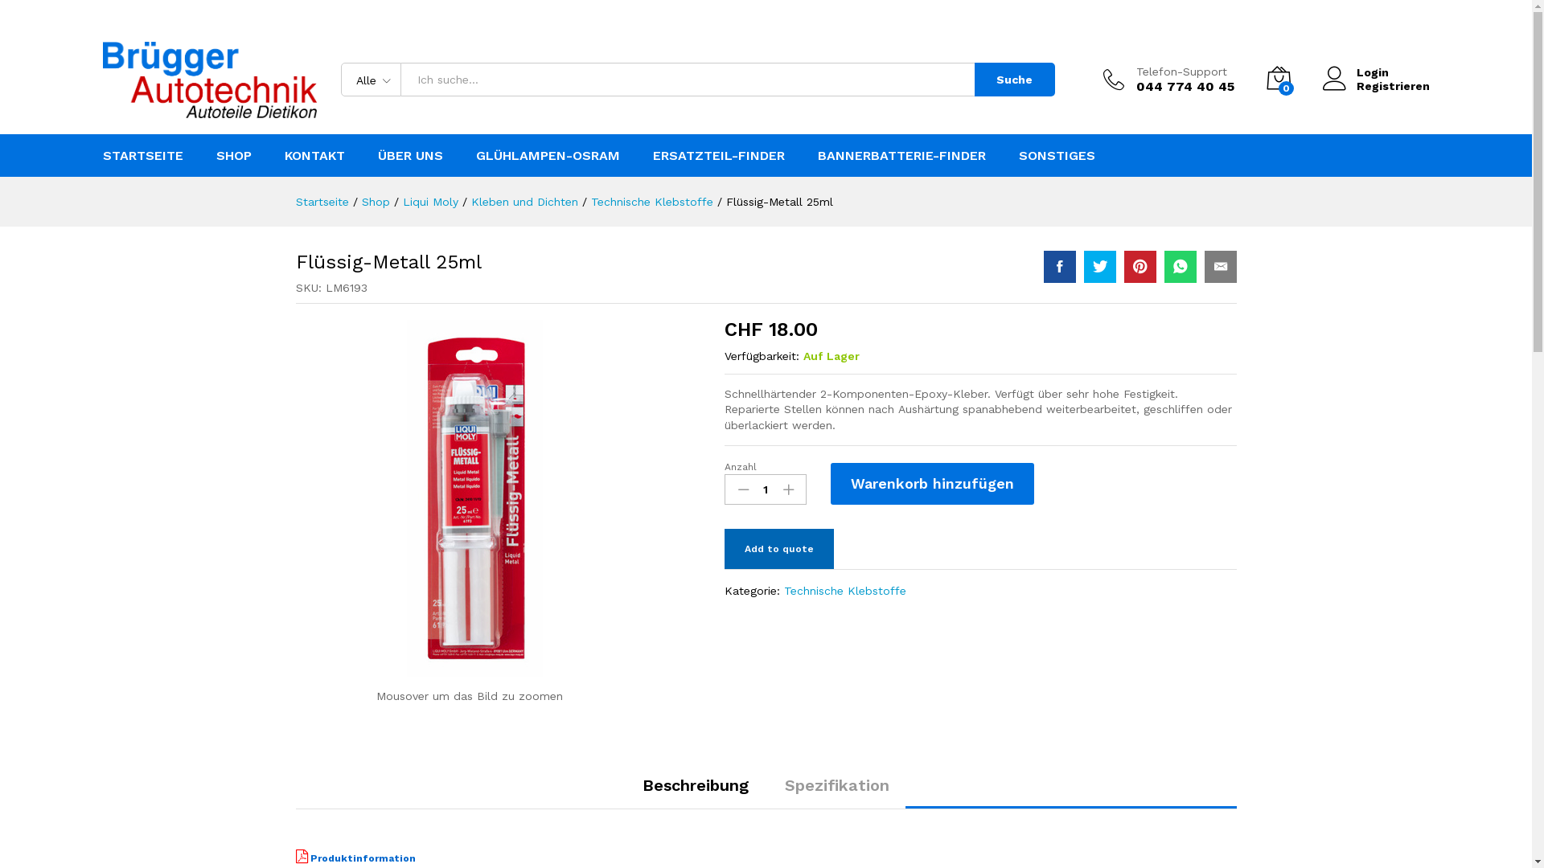  Describe the element at coordinates (296, 200) in the screenshot. I see `'Startseite'` at that location.